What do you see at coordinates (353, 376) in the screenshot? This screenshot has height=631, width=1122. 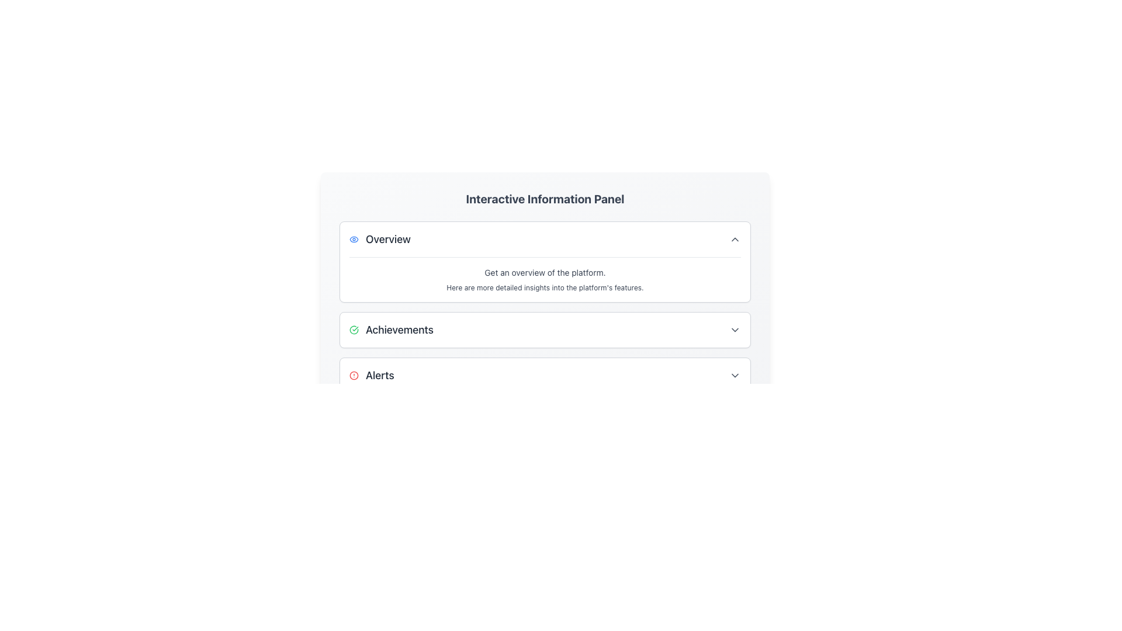 I see `the containing 'Alerts' section by interacting with the circular red icon in the third section of the panel` at bounding box center [353, 376].